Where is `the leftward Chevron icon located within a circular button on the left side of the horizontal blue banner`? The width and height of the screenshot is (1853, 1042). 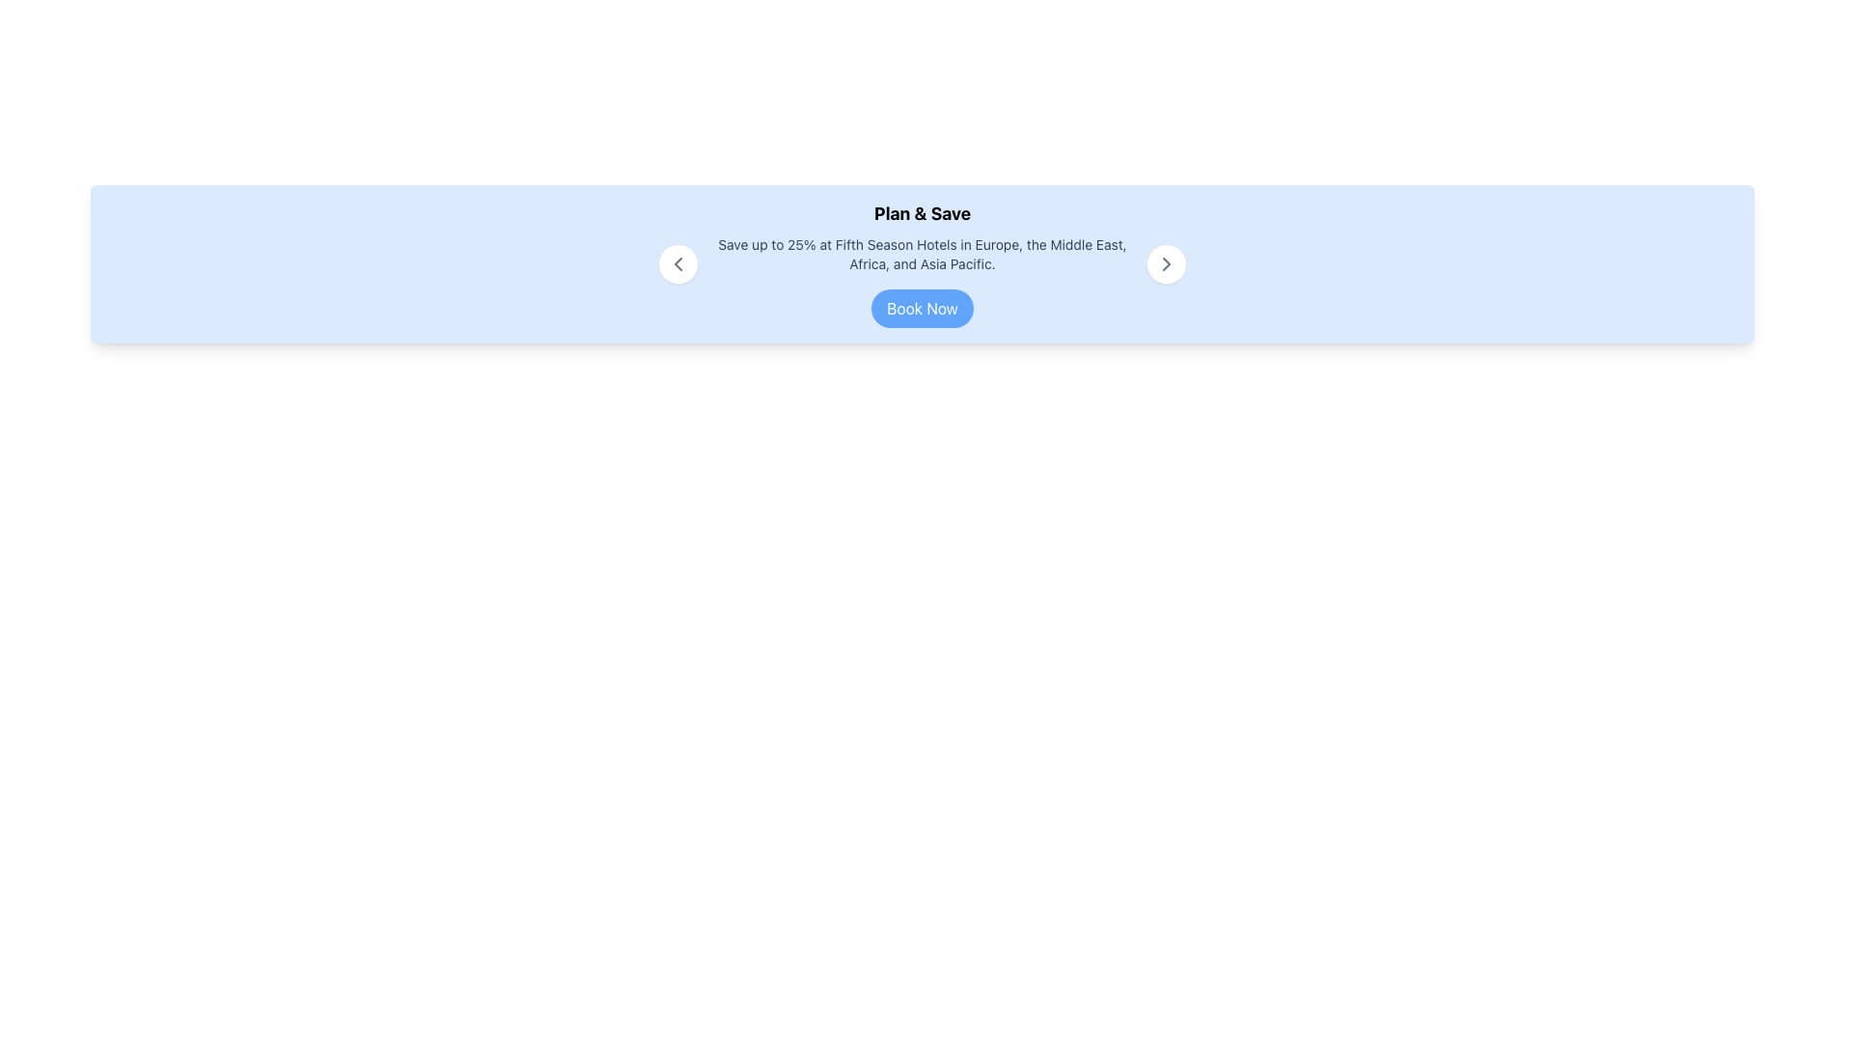
the leftward Chevron icon located within a circular button on the left side of the horizontal blue banner is located at coordinates (678, 263).